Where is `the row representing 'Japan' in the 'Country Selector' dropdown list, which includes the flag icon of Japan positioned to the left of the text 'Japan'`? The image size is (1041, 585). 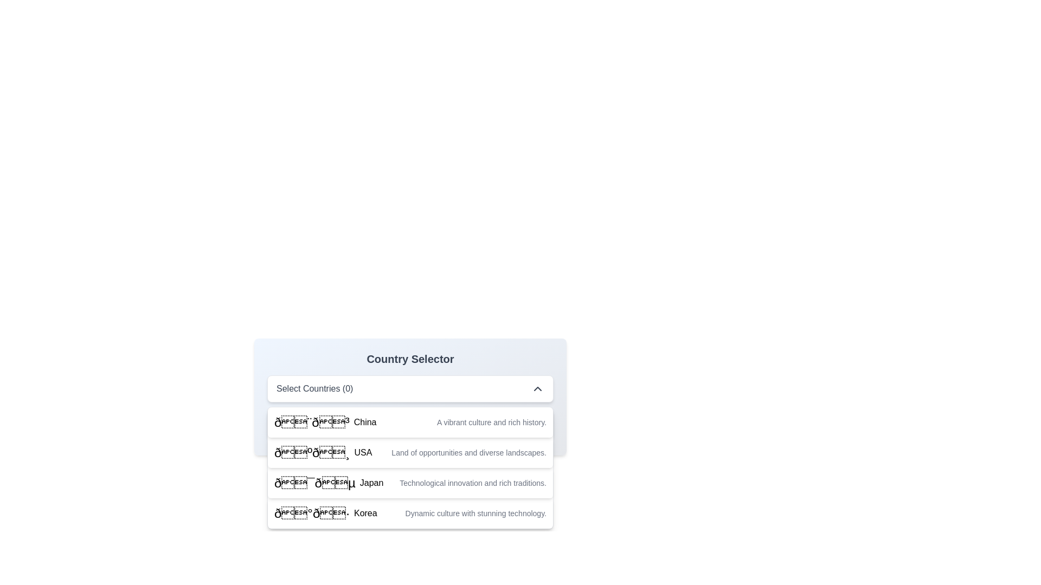 the row representing 'Japan' in the 'Country Selector' dropdown list, which includes the flag icon of Japan positioned to the left of the text 'Japan' is located at coordinates (314, 482).